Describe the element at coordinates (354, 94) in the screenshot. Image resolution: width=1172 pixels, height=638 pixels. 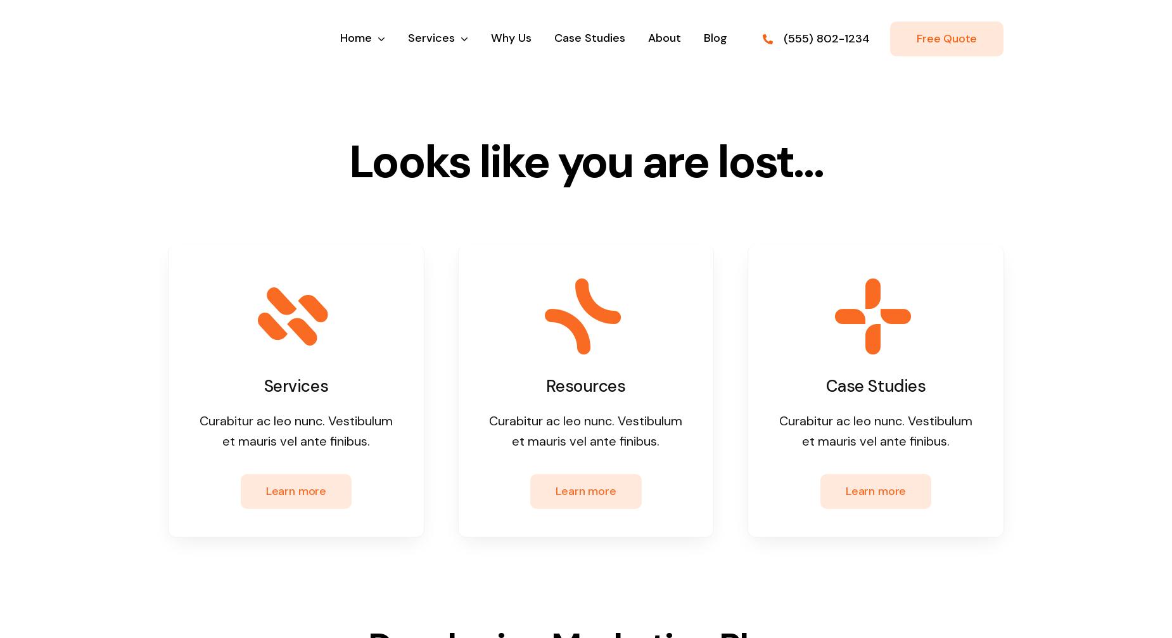
I see `'Home Alternate'` at that location.